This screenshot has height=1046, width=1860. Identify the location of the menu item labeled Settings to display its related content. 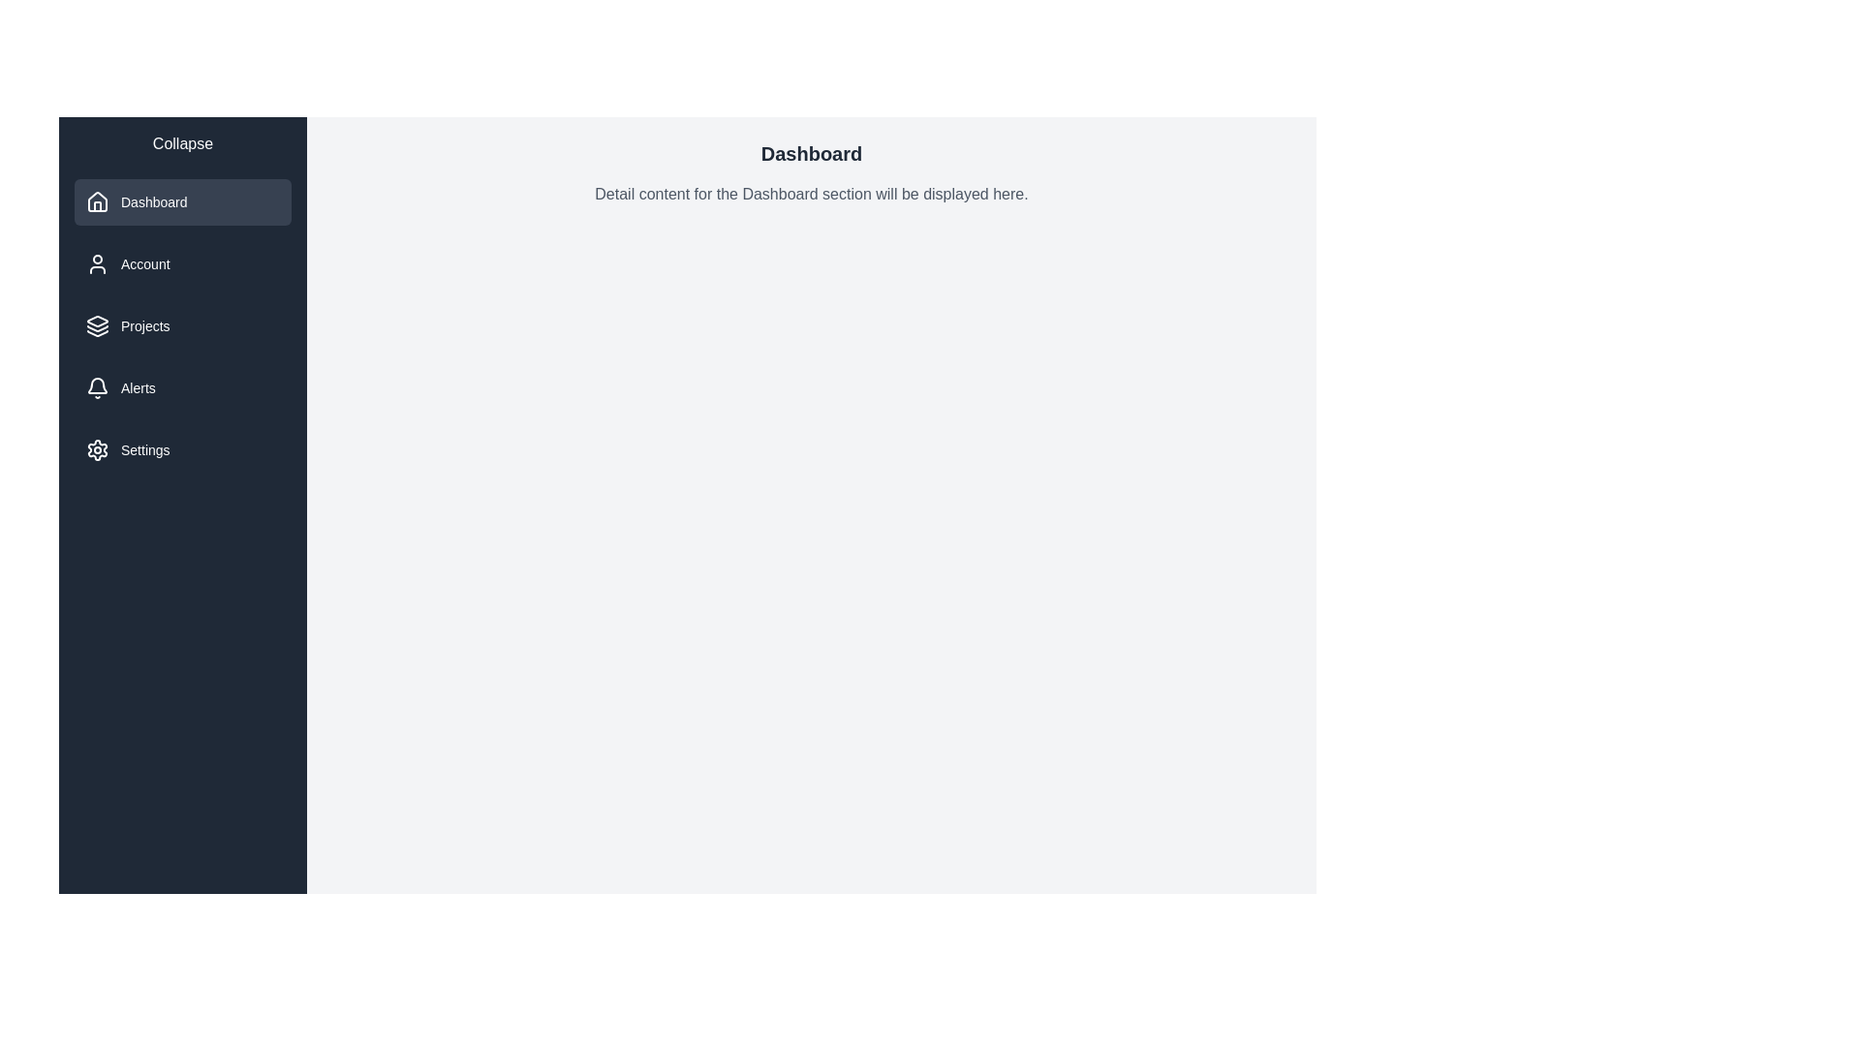
(182, 450).